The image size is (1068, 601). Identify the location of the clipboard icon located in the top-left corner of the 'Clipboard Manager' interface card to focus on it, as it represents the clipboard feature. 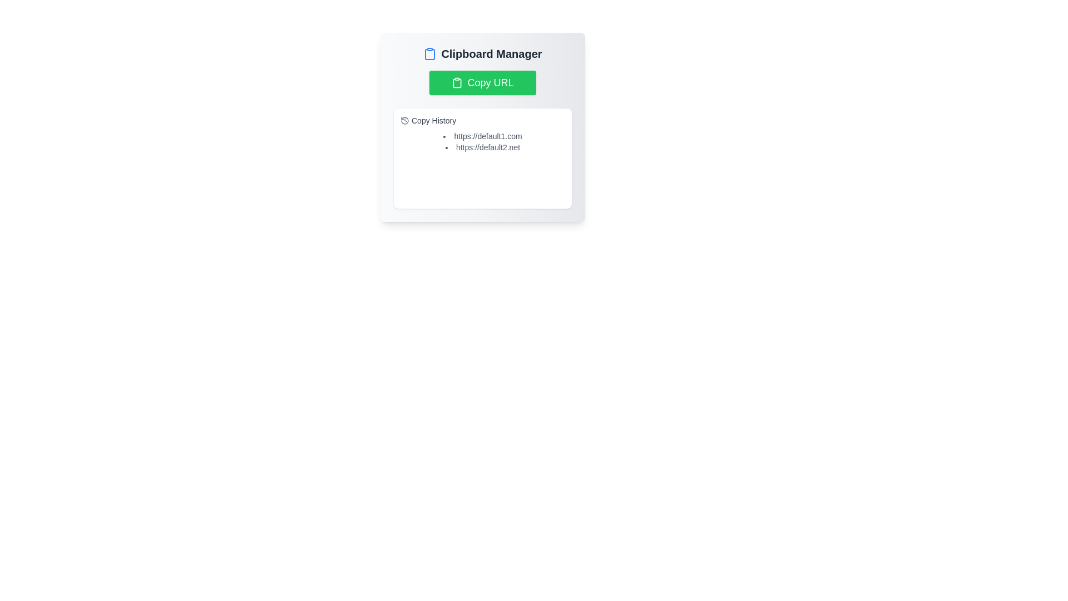
(429, 54).